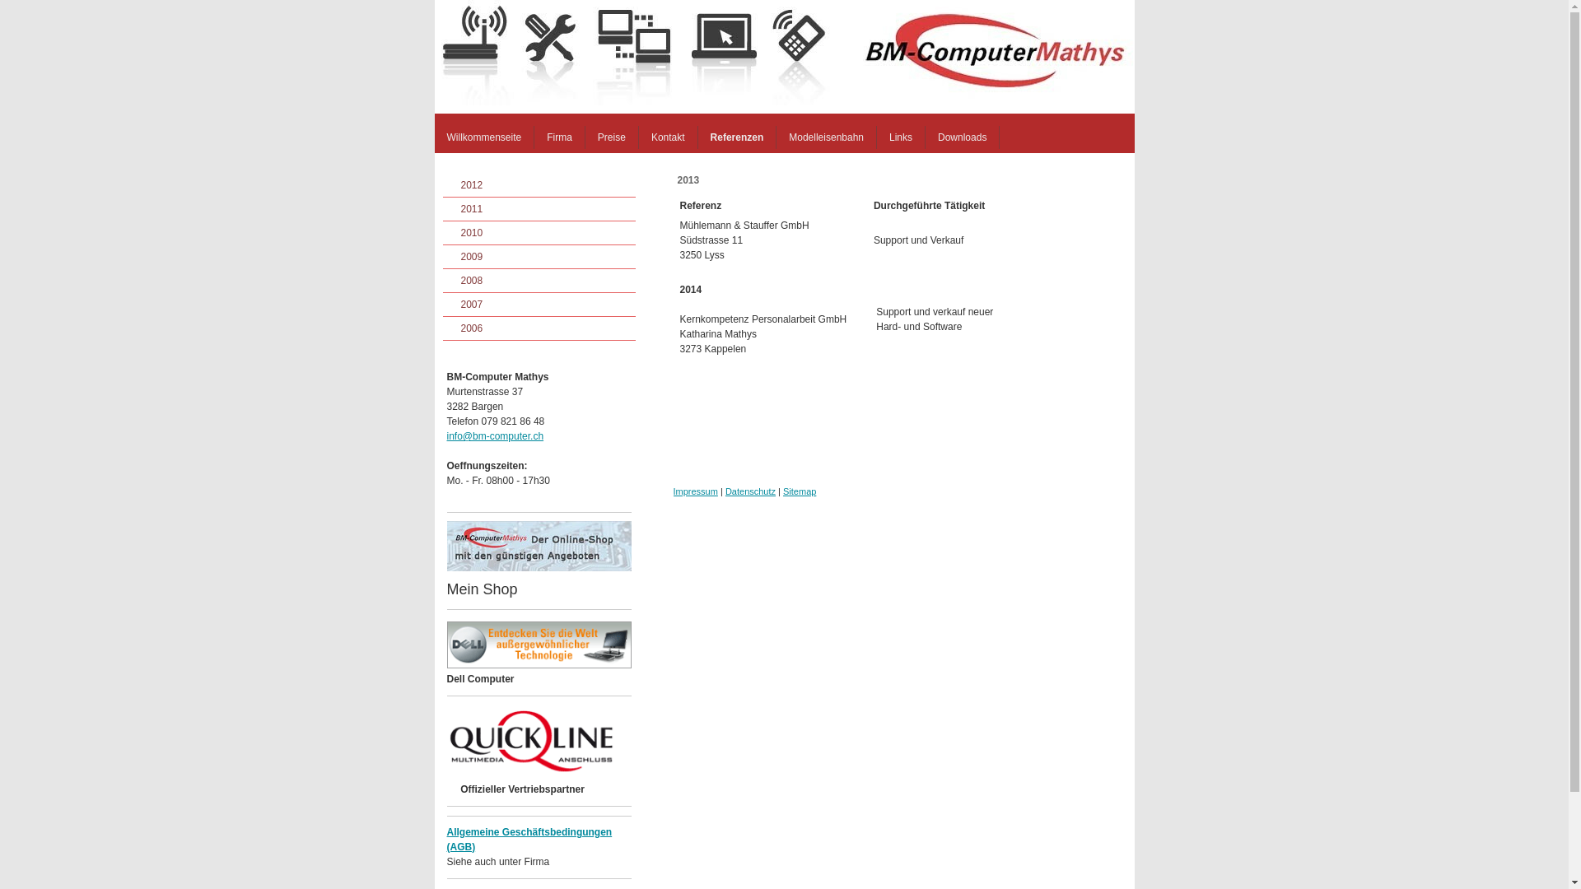 The width and height of the screenshot is (1581, 889). I want to click on 'Referenzen', so click(737, 136).